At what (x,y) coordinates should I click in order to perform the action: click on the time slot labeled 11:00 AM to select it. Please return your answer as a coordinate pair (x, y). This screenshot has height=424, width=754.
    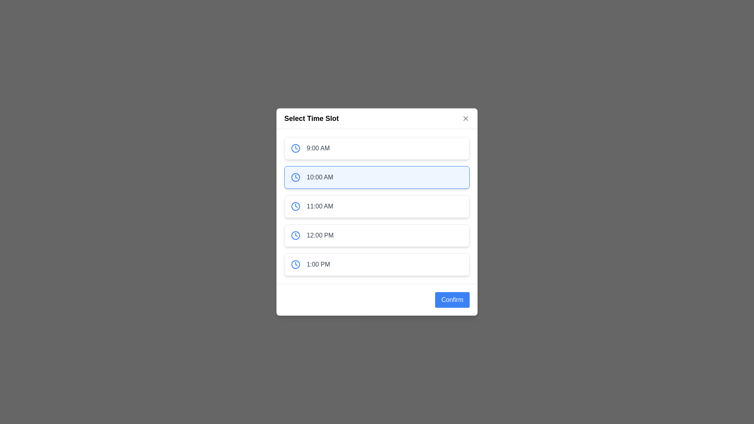
    Looking at the image, I should click on (377, 206).